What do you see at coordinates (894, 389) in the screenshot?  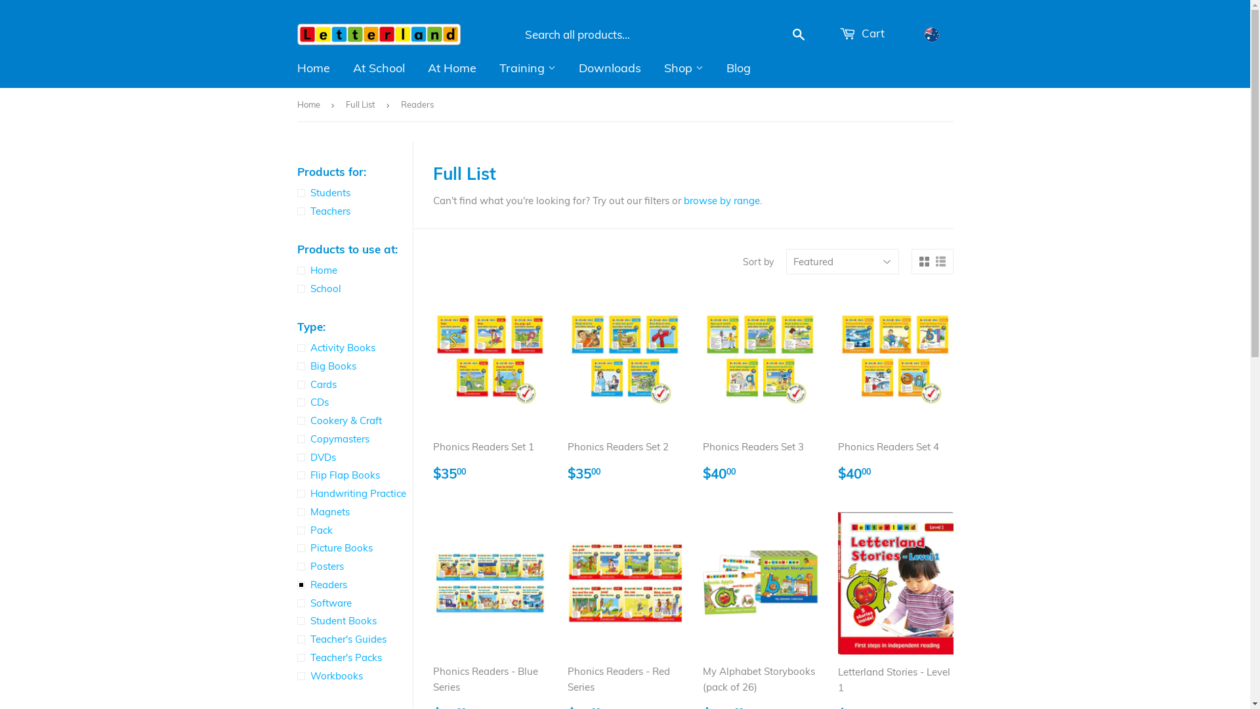 I see `'Phonics Readers Set 4` at bounding box center [894, 389].